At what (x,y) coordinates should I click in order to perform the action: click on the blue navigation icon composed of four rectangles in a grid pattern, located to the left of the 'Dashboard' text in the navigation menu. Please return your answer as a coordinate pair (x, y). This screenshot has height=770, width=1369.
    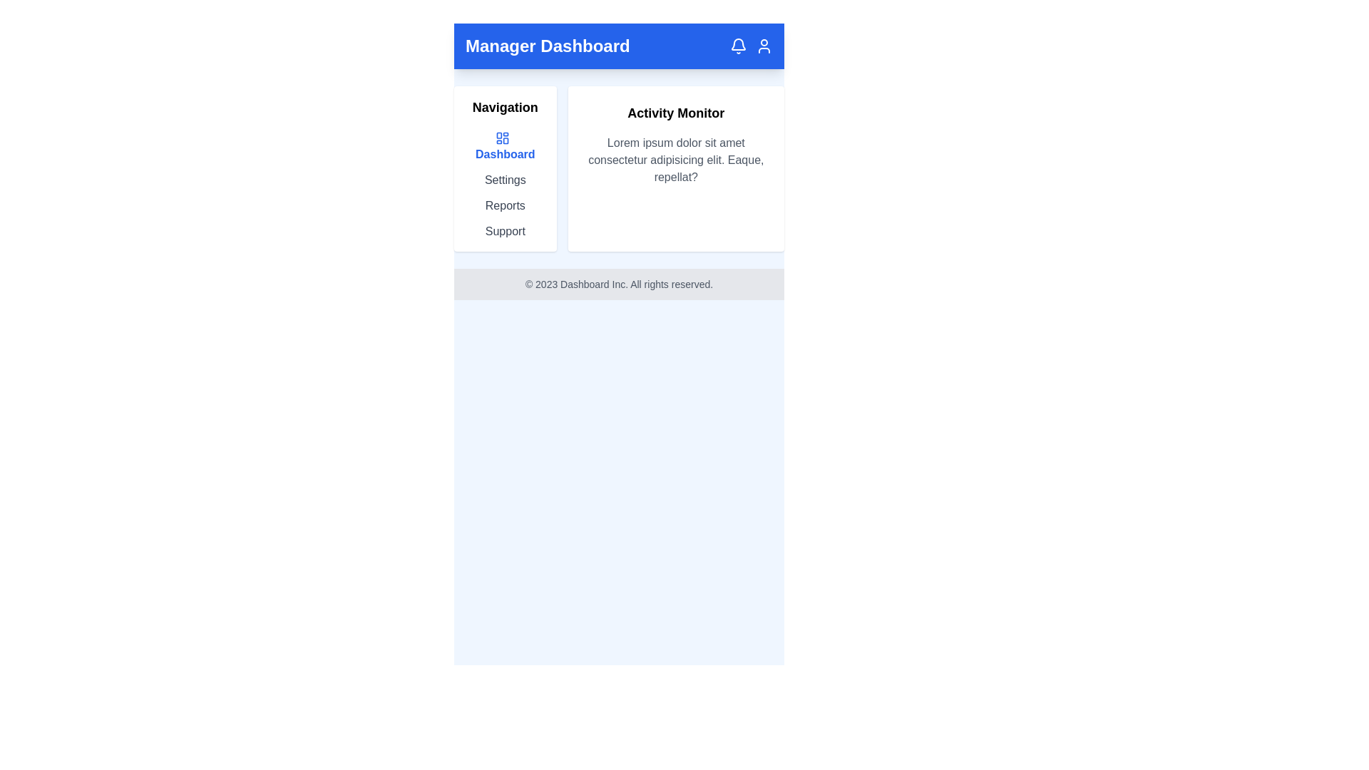
    Looking at the image, I should click on (502, 138).